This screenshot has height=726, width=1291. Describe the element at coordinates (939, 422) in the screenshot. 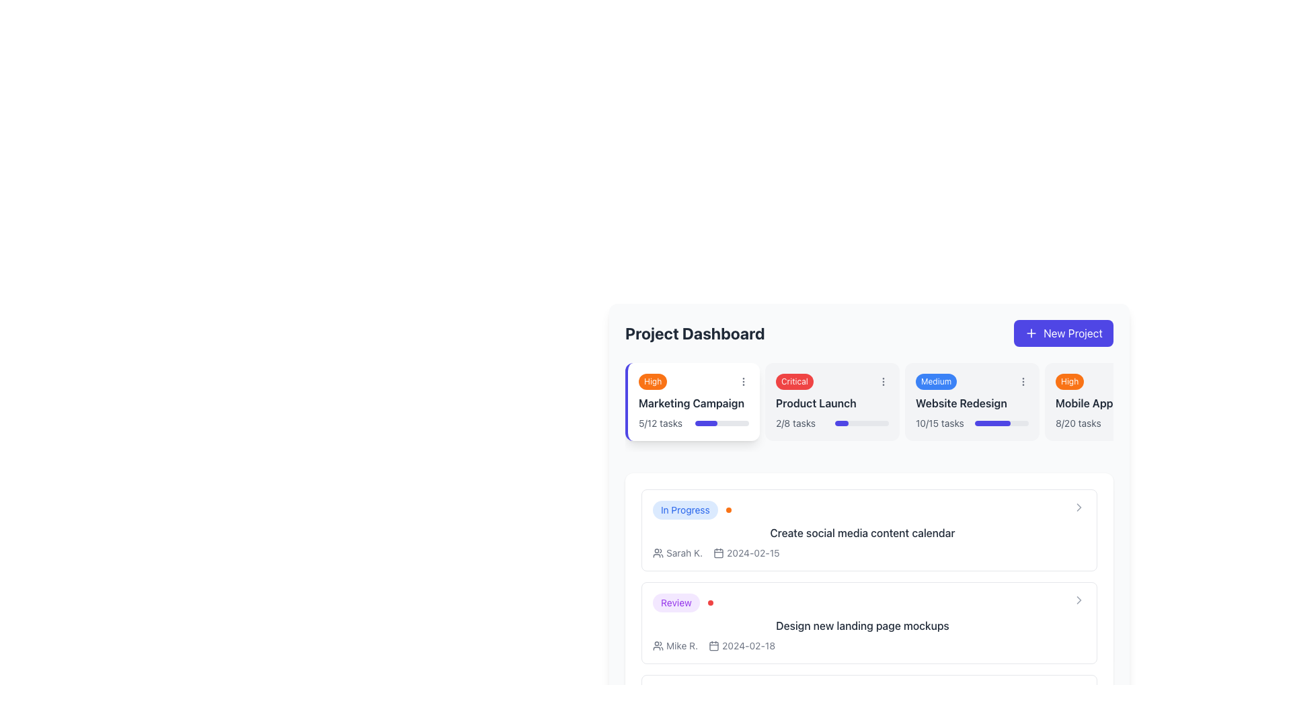

I see `the text label displaying the number of completed tasks out of total tasks` at that location.